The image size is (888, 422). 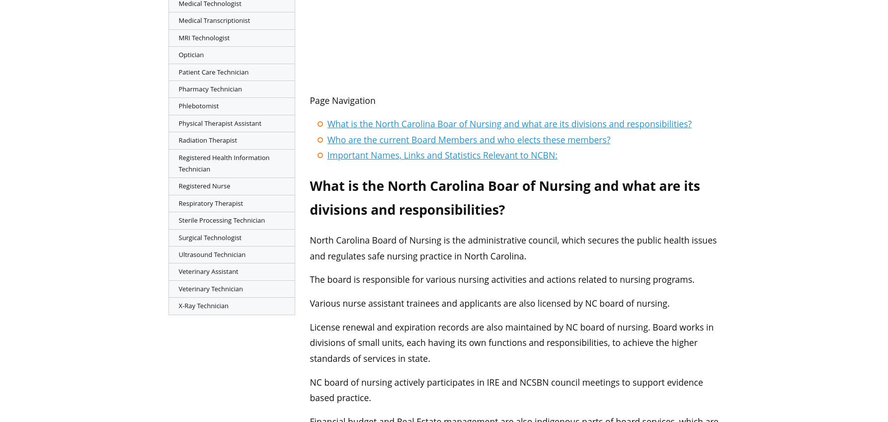 I want to click on 'Veterinary Technician', so click(x=210, y=288).